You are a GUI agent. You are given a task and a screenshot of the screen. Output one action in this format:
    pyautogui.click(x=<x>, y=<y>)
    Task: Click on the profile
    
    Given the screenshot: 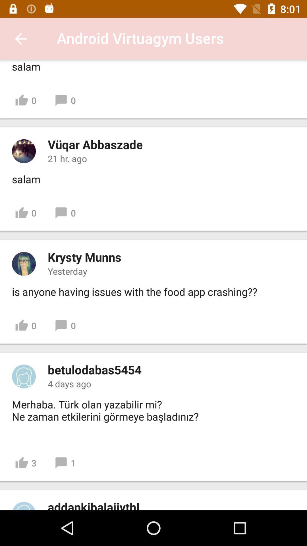 What is the action you would take?
    pyautogui.click(x=24, y=263)
    